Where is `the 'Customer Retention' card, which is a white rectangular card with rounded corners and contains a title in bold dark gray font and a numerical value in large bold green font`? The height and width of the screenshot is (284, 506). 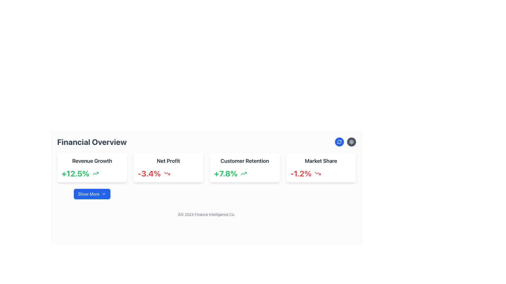
the 'Customer Retention' card, which is a white rectangular card with rounded corners and contains a title in bold dark gray font and a numerical value in large bold green font is located at coordinates (244, 168).